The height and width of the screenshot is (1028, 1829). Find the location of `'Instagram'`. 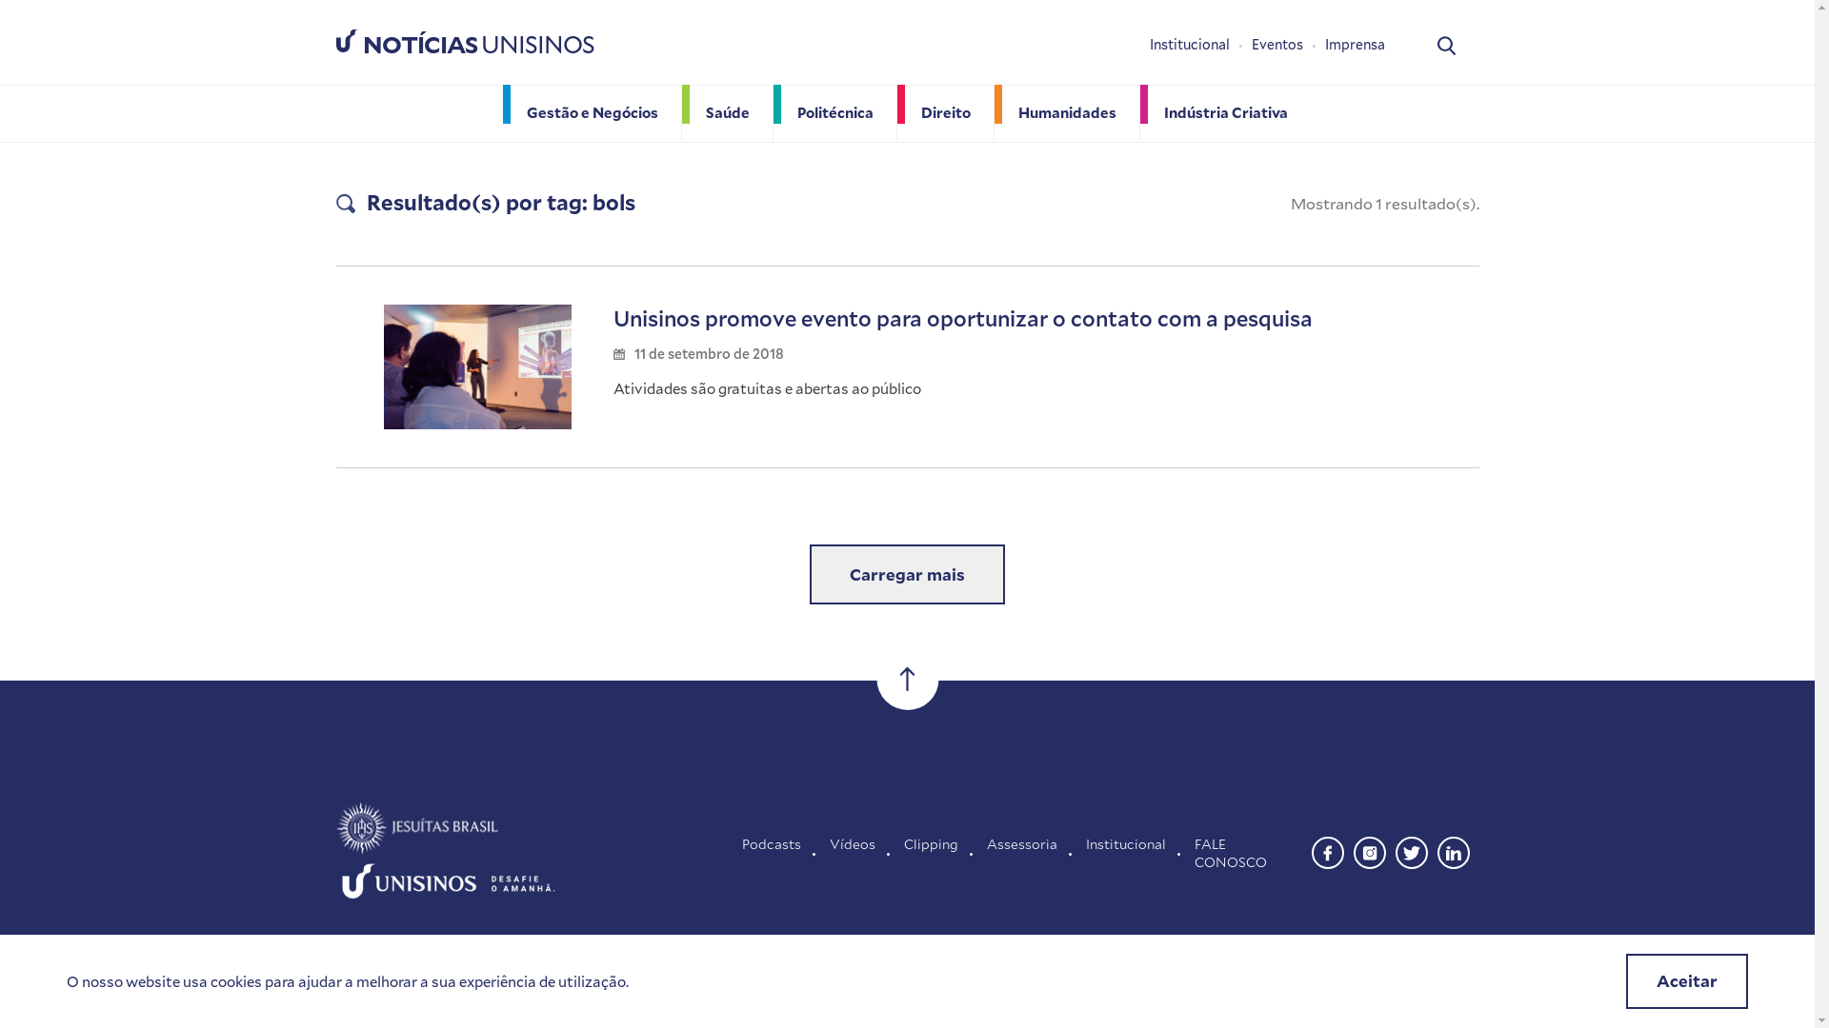

'Instagram' is located at coordinates (1367, 849).